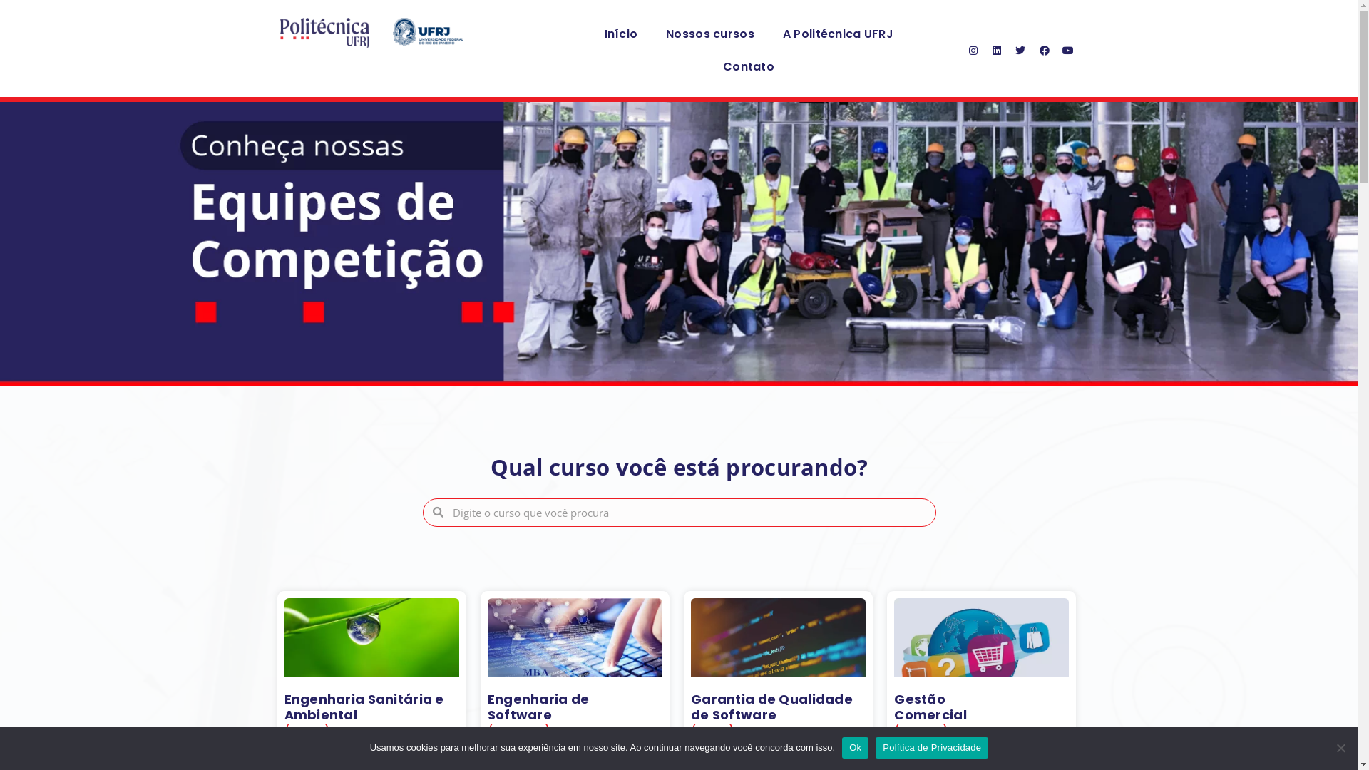 Image resolution: width=1369 pixels, height=770 pixels. I want to click on 'Search', so click(689, 511).